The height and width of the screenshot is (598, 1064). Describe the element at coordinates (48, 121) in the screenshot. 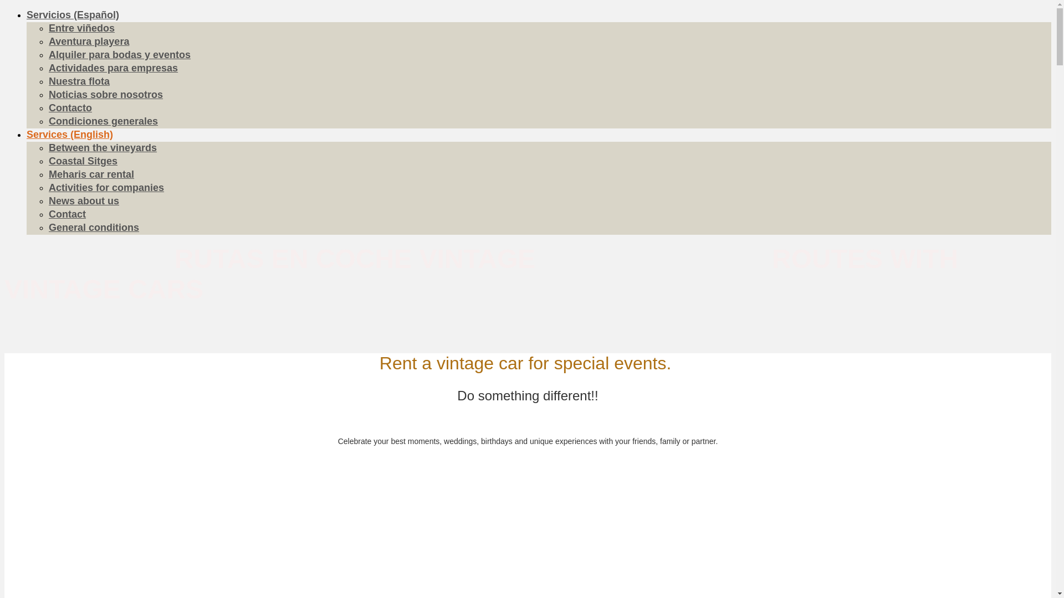

I see `'Condiciones generales'` at that location.